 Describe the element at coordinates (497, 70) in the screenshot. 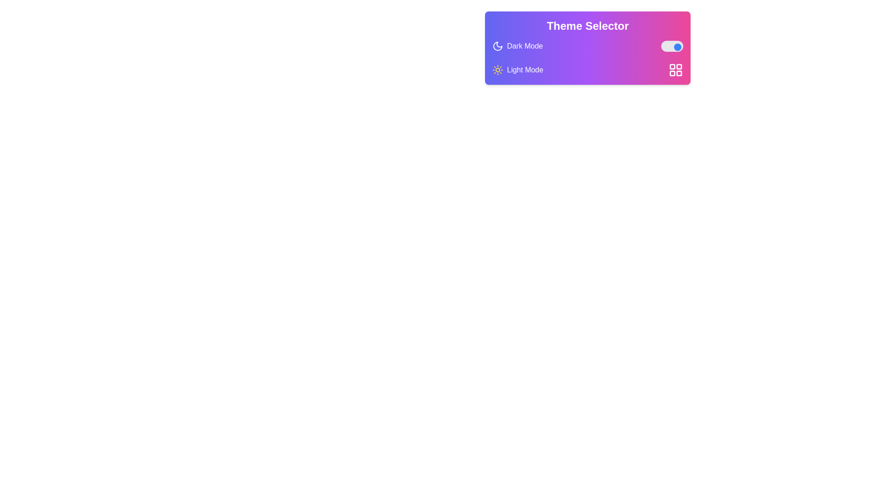

I see `the 'Light Mode' icon located inside the 'Theme Selector' section, positioned to the left of the 'Light Mode' label` at that location.